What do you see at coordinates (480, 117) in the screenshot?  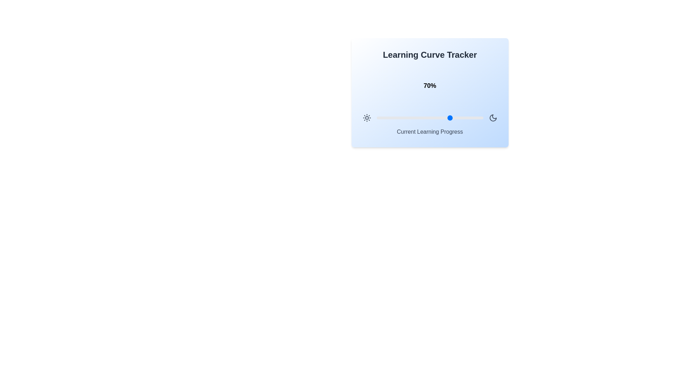 I see `the slider to set the progress value to 97%` at bounding box center [480, 117].